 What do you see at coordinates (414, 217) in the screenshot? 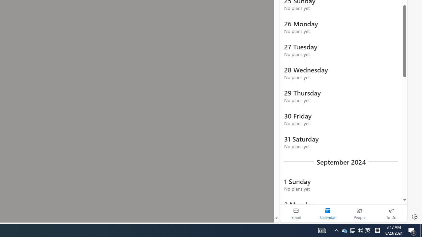
I see `'Settings'` at bounding box center [414, 217].